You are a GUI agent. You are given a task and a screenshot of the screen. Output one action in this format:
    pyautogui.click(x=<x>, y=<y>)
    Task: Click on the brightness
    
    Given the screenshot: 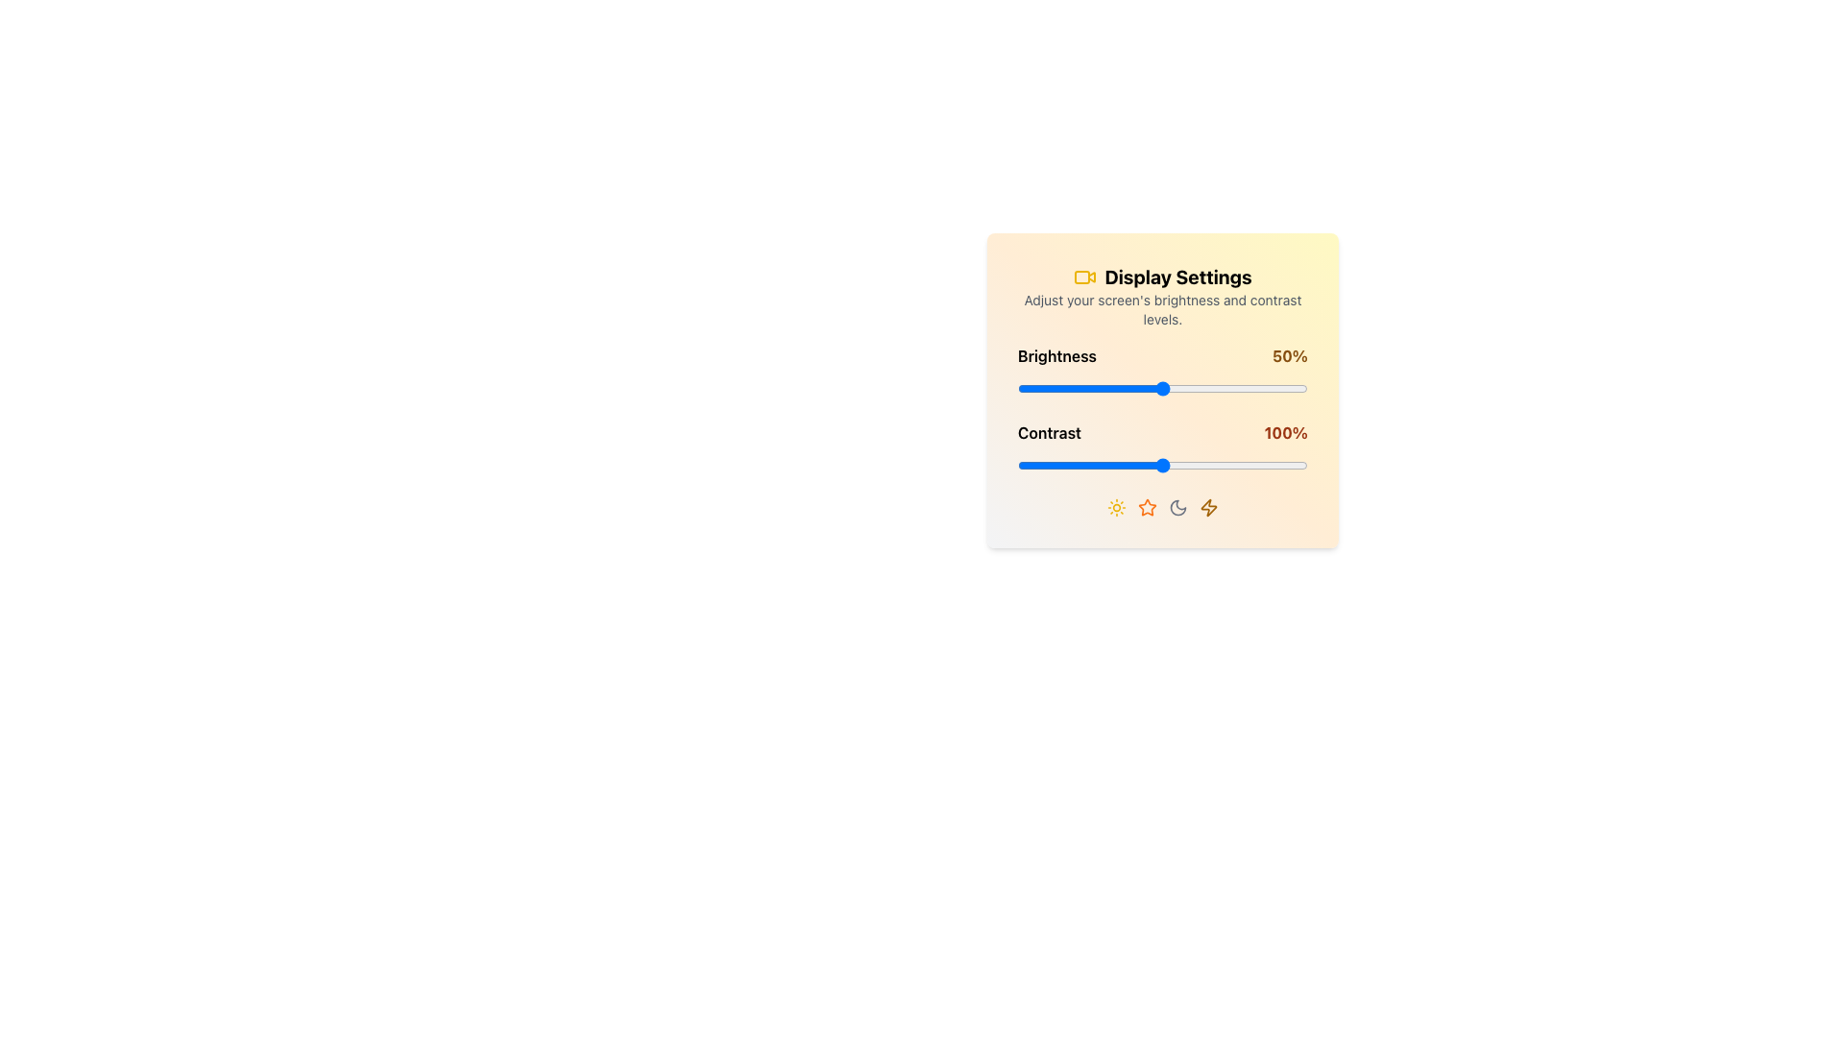 What is the action you would take?
    pyautogui.click(x=1076, y=389)
    